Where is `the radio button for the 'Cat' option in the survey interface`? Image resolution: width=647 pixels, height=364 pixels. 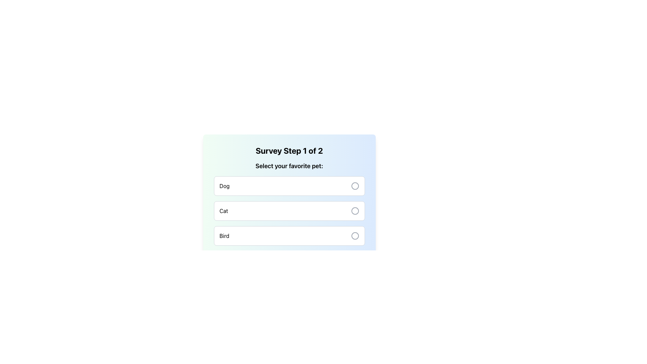 the radio button for the 'Cat' option in the survey interface is located at coordinates (355, 210).